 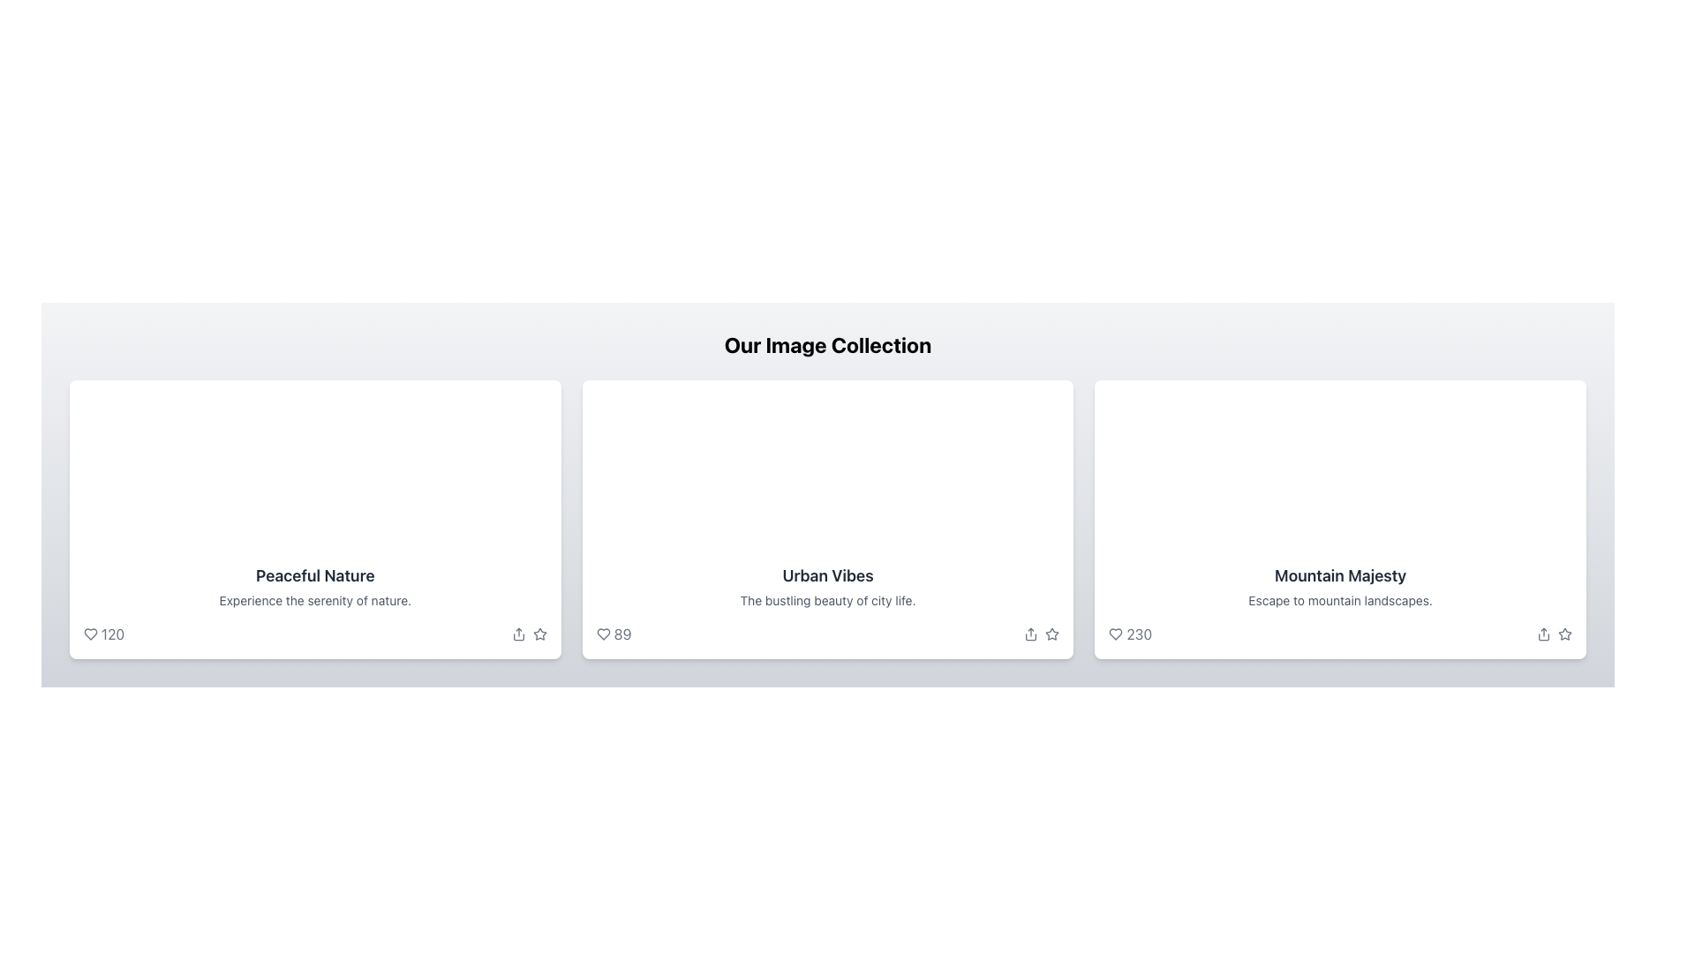 What do you see at coordinates (1115, 633) in the screenshot?
I see `the 'like' icon located to the immediate left of the '230' text on the 'Mountain Majesty' card in the bottom-right section of the card` at bounding box center [1115, 633].